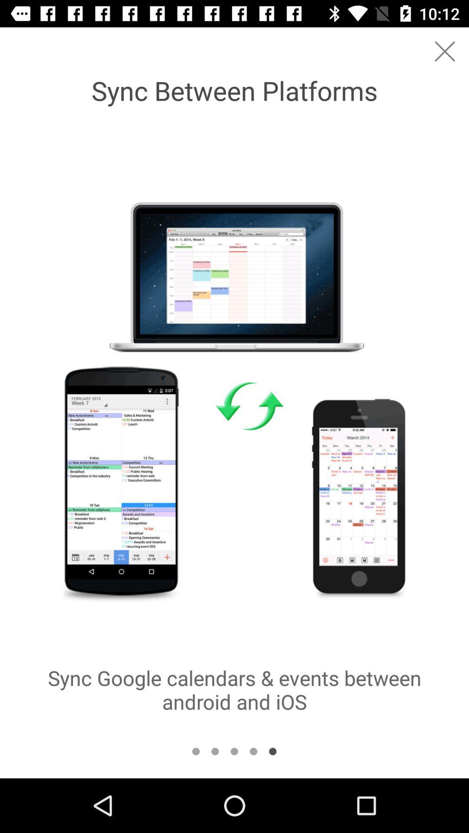  I want to click on the close icon, so click(445, 51).